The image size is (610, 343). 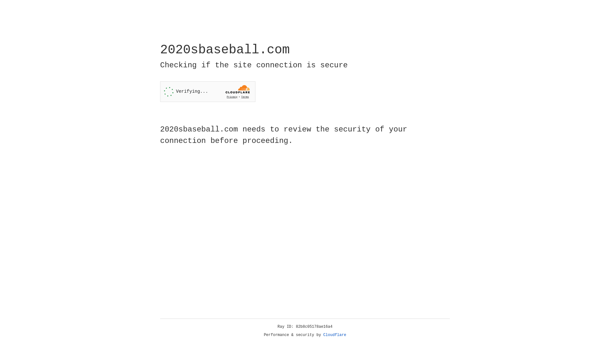 I want to click on 'Cloudflare', so click(x=335, y=335).